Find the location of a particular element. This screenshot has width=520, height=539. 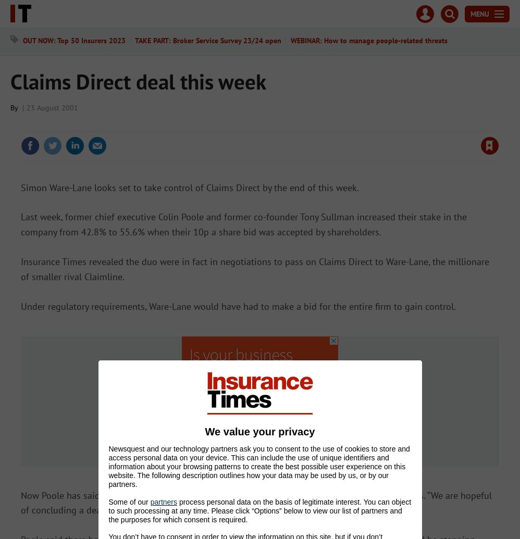

'Save article' is located at coordinates (475, 126).